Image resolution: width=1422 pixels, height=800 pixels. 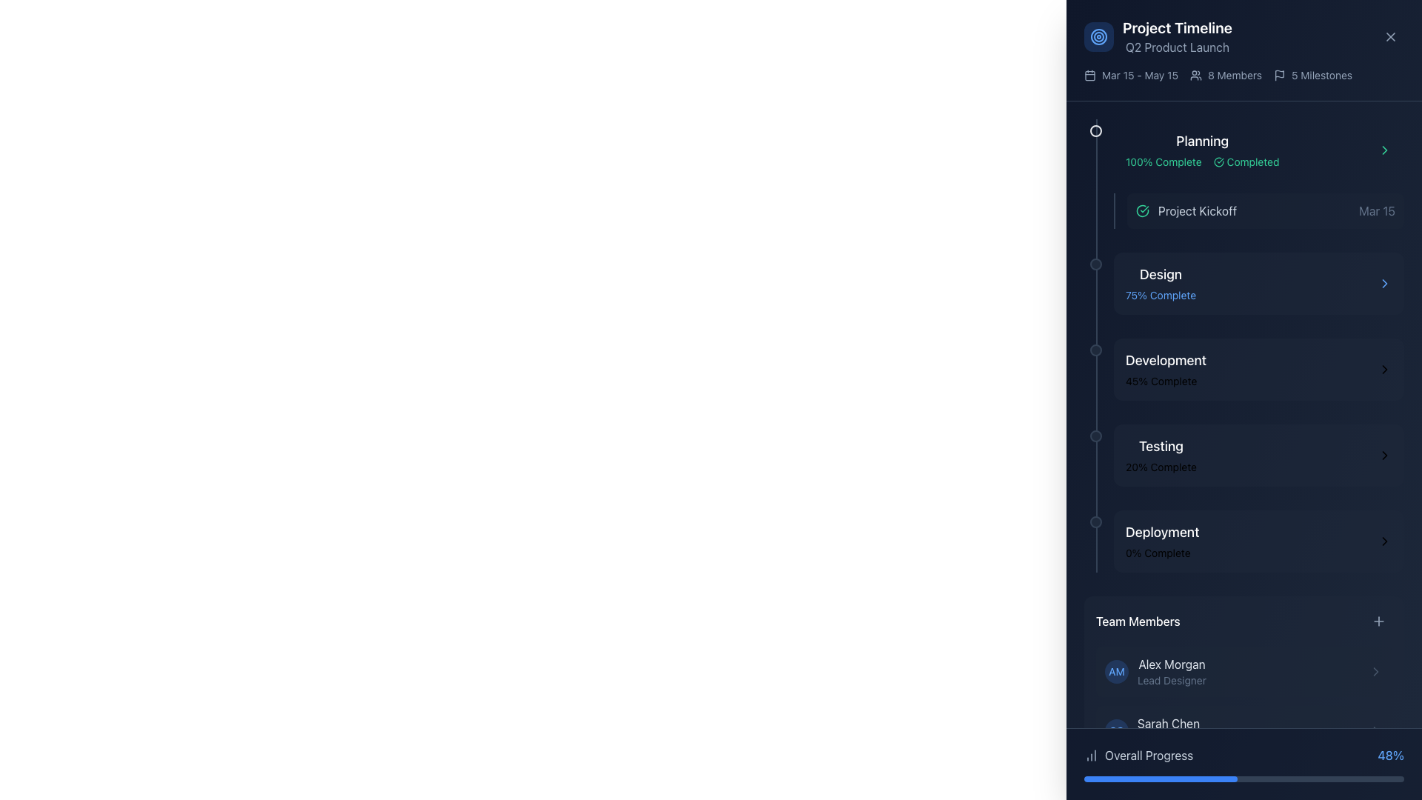 What do you see at coordinates (1141, 211) in the screenshot?
I see `the circular emerald-green icon with a checkmark indicating completion, located to the left of the 'Project Kickoff' text in the timeline interface under the 'Planning' section` at bounding box center [1141, 211].